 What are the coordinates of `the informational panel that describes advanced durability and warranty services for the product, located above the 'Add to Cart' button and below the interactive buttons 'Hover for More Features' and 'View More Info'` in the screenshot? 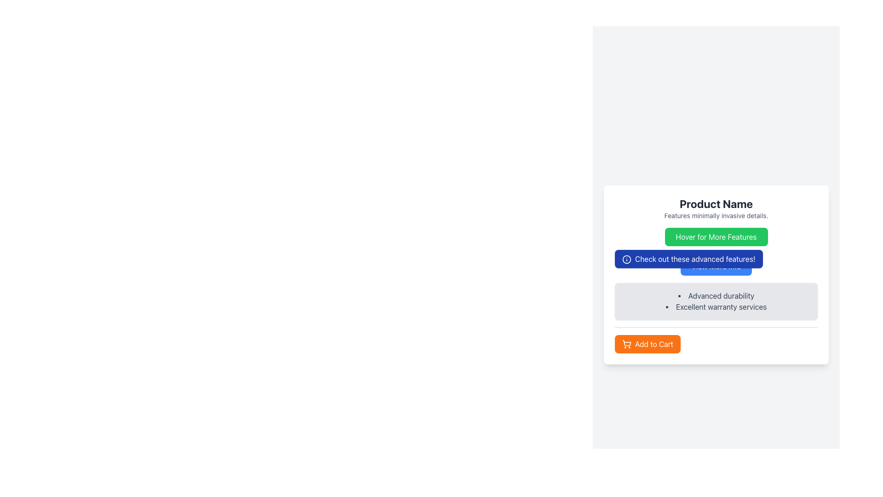 It's located at (716, 290).